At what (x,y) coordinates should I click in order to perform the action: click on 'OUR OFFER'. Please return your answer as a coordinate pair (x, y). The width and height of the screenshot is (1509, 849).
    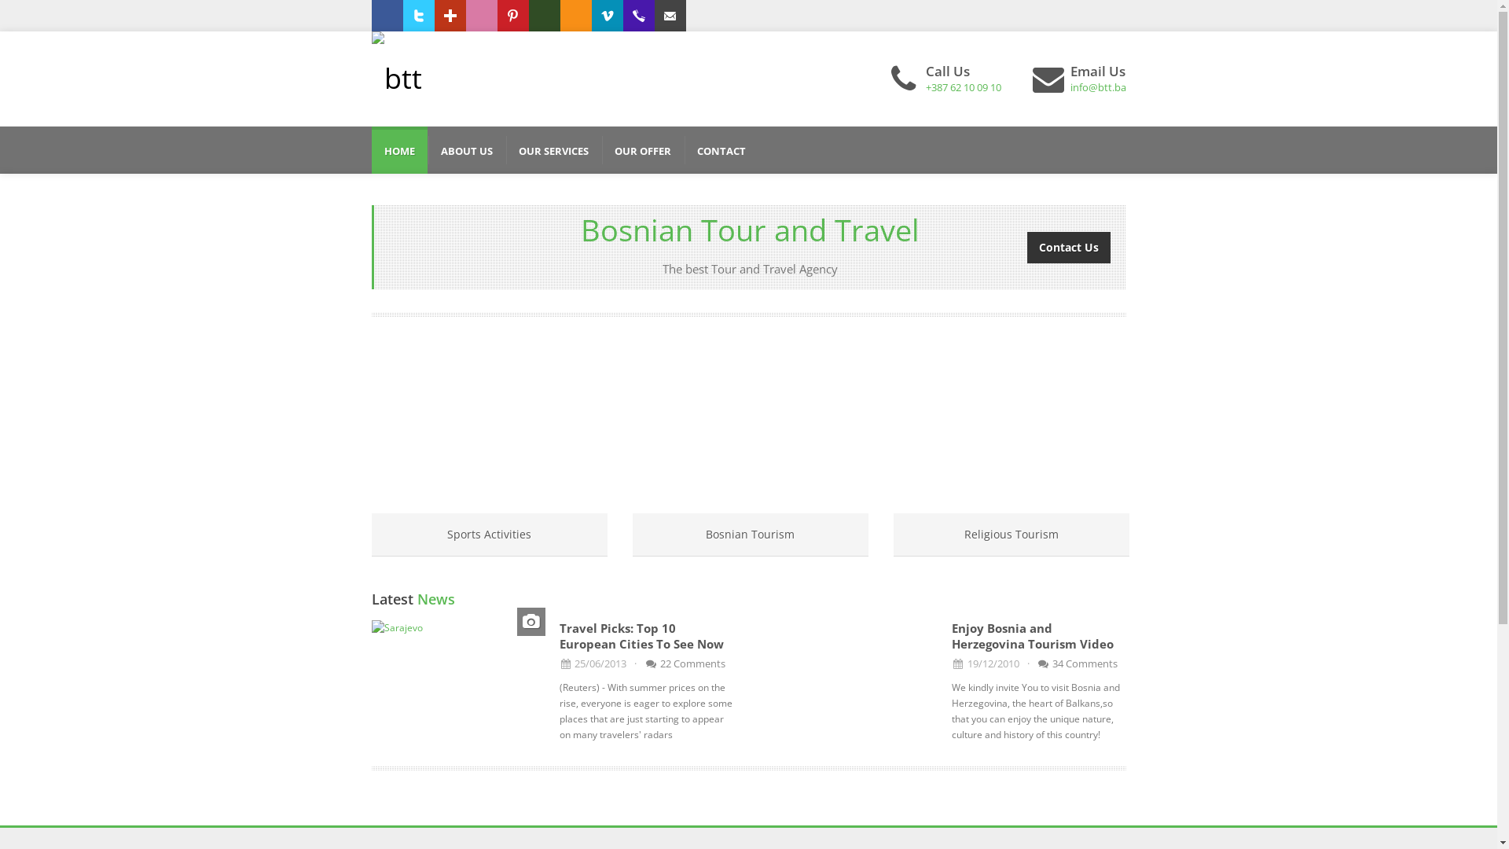
    Looking at the image, I should click on (642, 150).